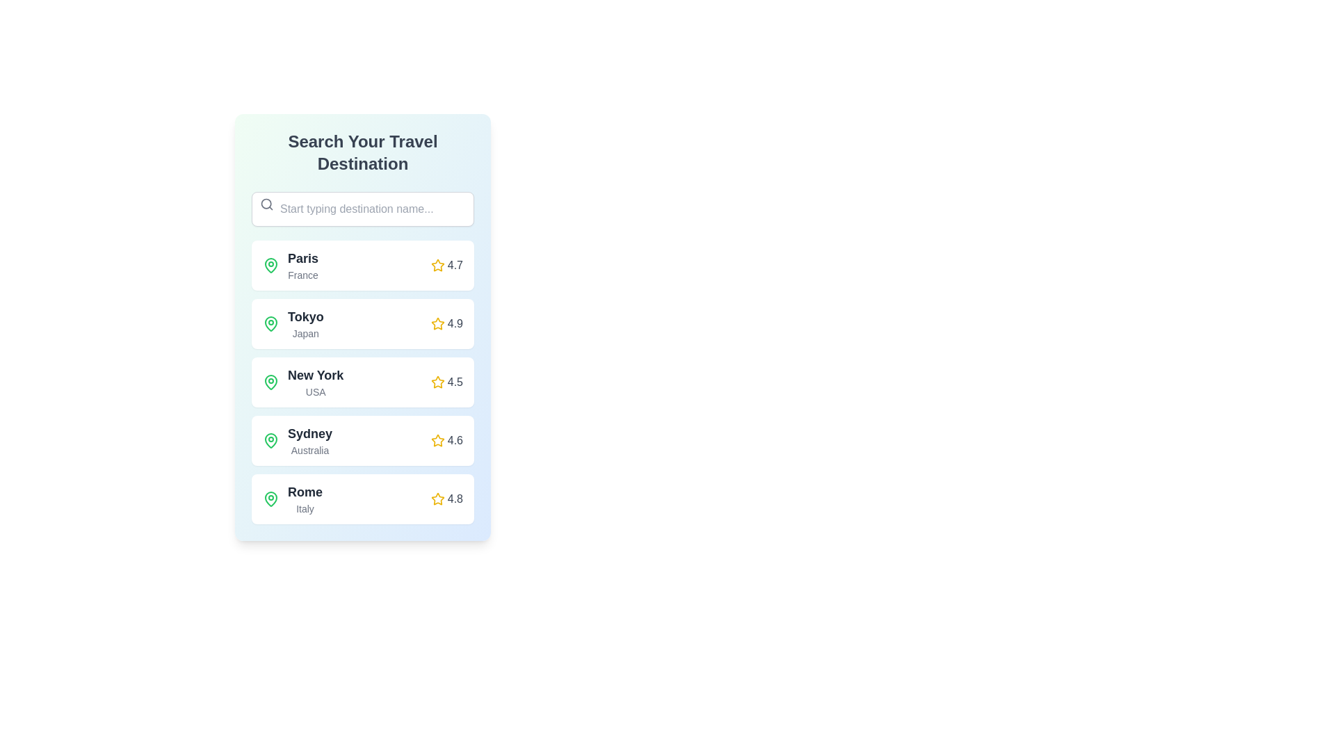 Image resolution: width=1335 pixels, height=751 pixels. Describe the element at coordinates (305, 333) in the screenshot. I see `the text label displaying 'Japan', which is styled in gray and located below the label 'Tokyo' and to the left of the rating value '4.9' within the card labeled 'Tokyo Japan'` at that location.